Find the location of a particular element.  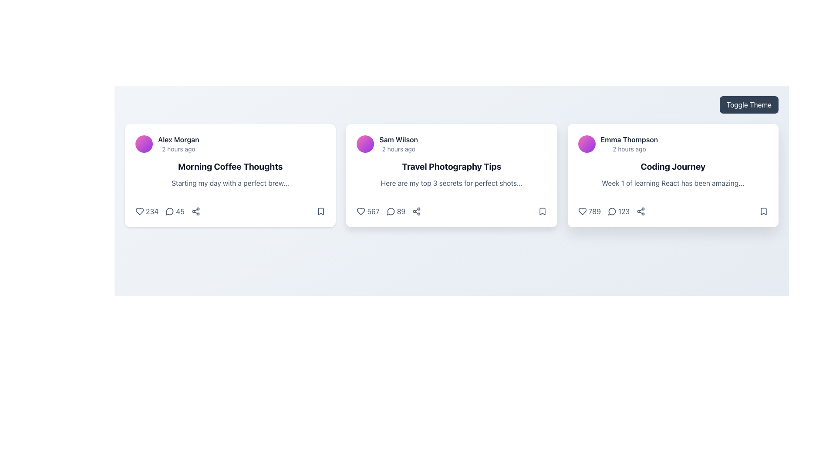

the sharing button, which is the third interactive item in the lower row of the 'Travel Photography Tips' post card, to activate visual feedback is located at coordinates (416, 211).